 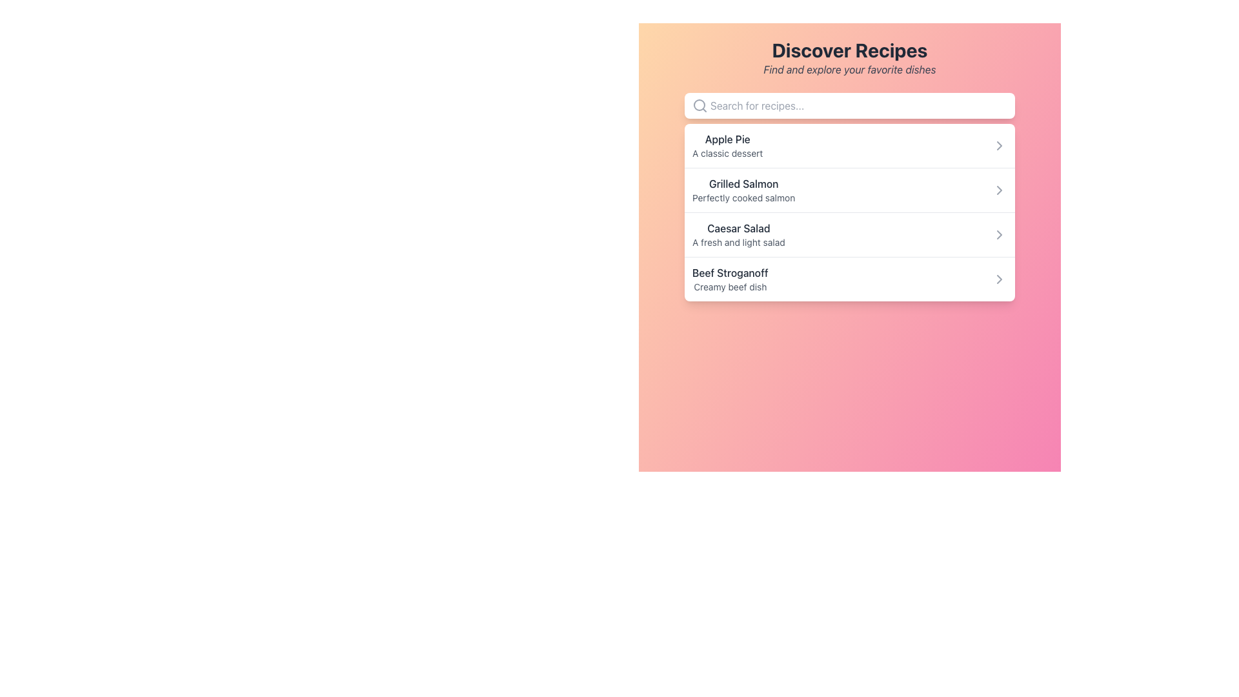 What do you see at coordinates (727, 139) in the screenshot?
I see `the text label reading 'Apple Pie' which is styled in bold dark gray, located at the top of the recipe list` at bounding box center [727, 139].